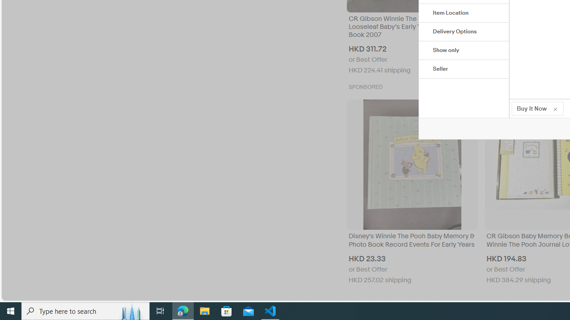 The image size is (570, 320). I want to click on 'Delivery Options', so click(464, 32).